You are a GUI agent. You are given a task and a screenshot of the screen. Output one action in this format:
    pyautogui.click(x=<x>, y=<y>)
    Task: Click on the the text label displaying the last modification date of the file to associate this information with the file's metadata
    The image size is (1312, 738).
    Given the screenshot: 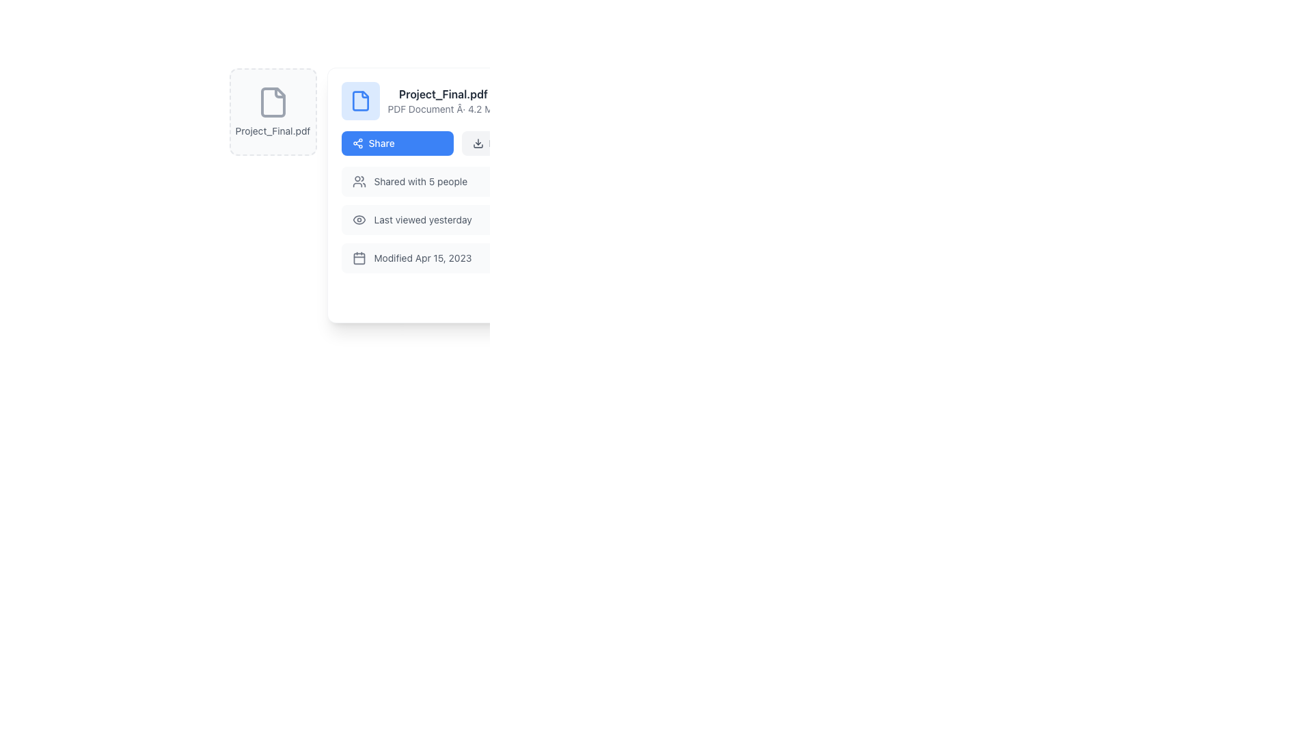 What is the action you would take?
    pyautogui.click(x=422, y=258)
    